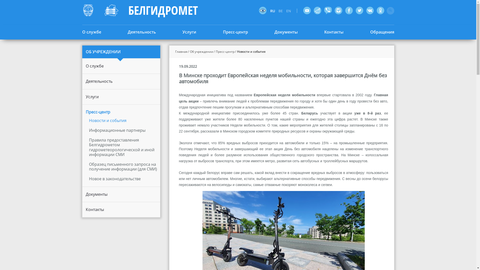  I want to click on 'viber', so click(324, 10).